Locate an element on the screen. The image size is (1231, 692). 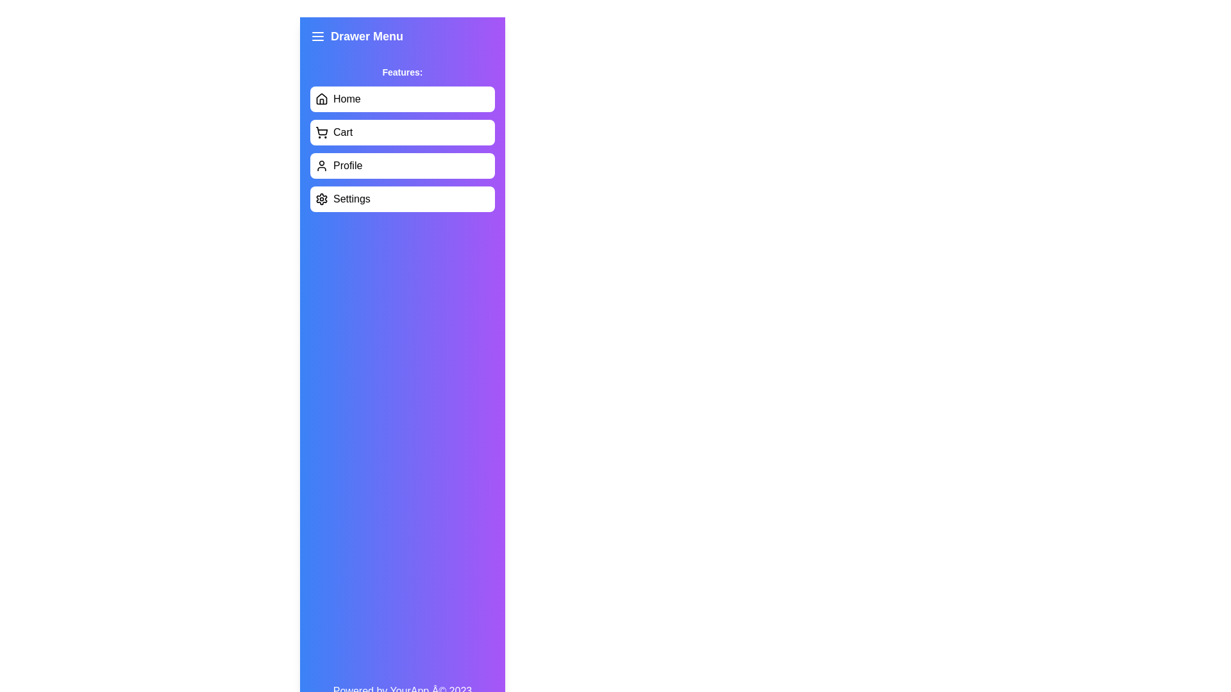
the 'Profile' text label located in the Drawer Menu is located at coordinates (348, 165).